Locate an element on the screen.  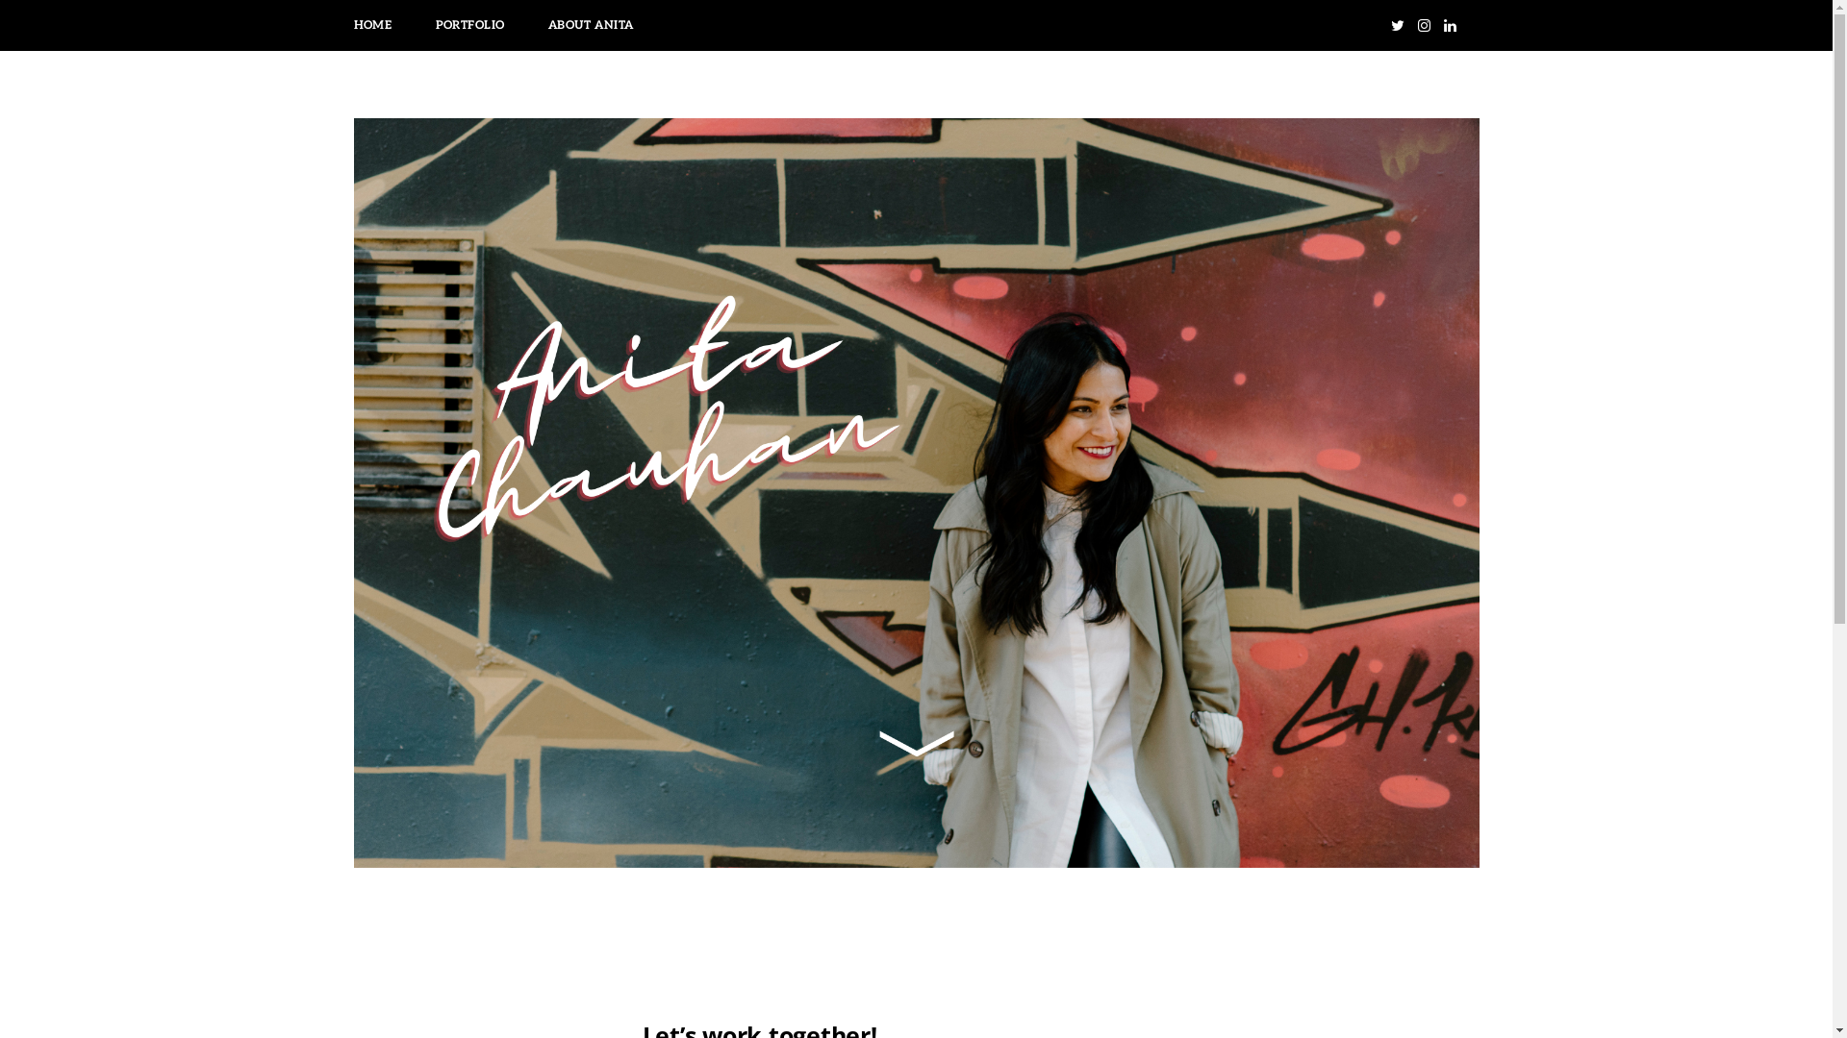
'LinkedIn' is located at coordinates (1449, 25).